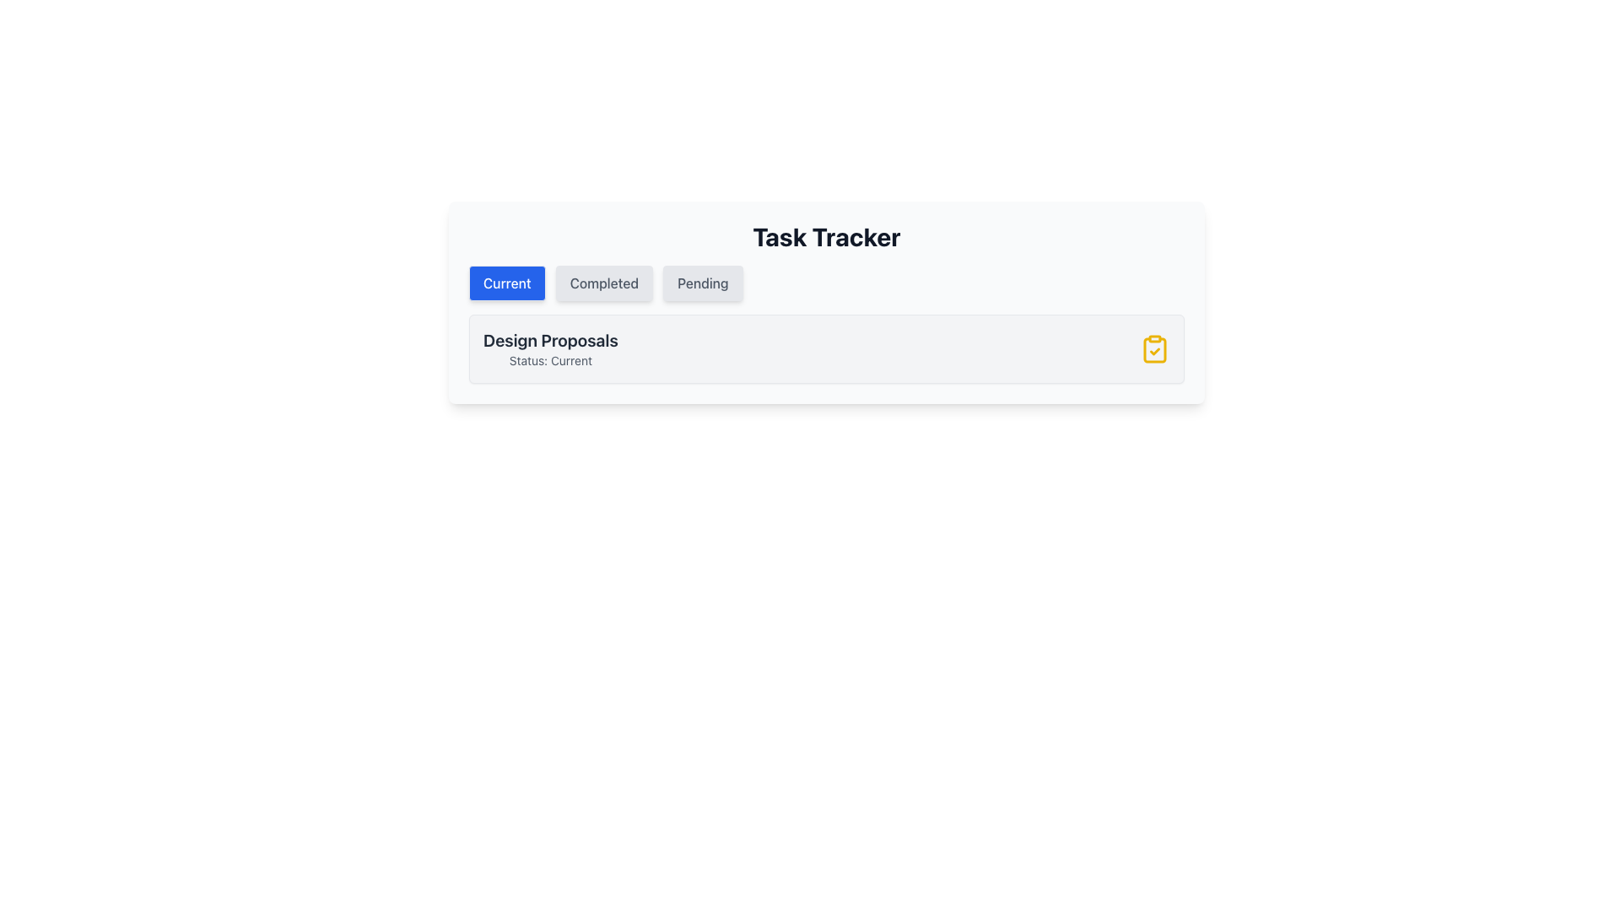 The height and width of the screenshot is (911, 1620). I want to click on the bold textual heading 'Task Tracker' which is centrally aligned above the tabs 'Current', 'Completed', 'Pending', so click(826, 237).